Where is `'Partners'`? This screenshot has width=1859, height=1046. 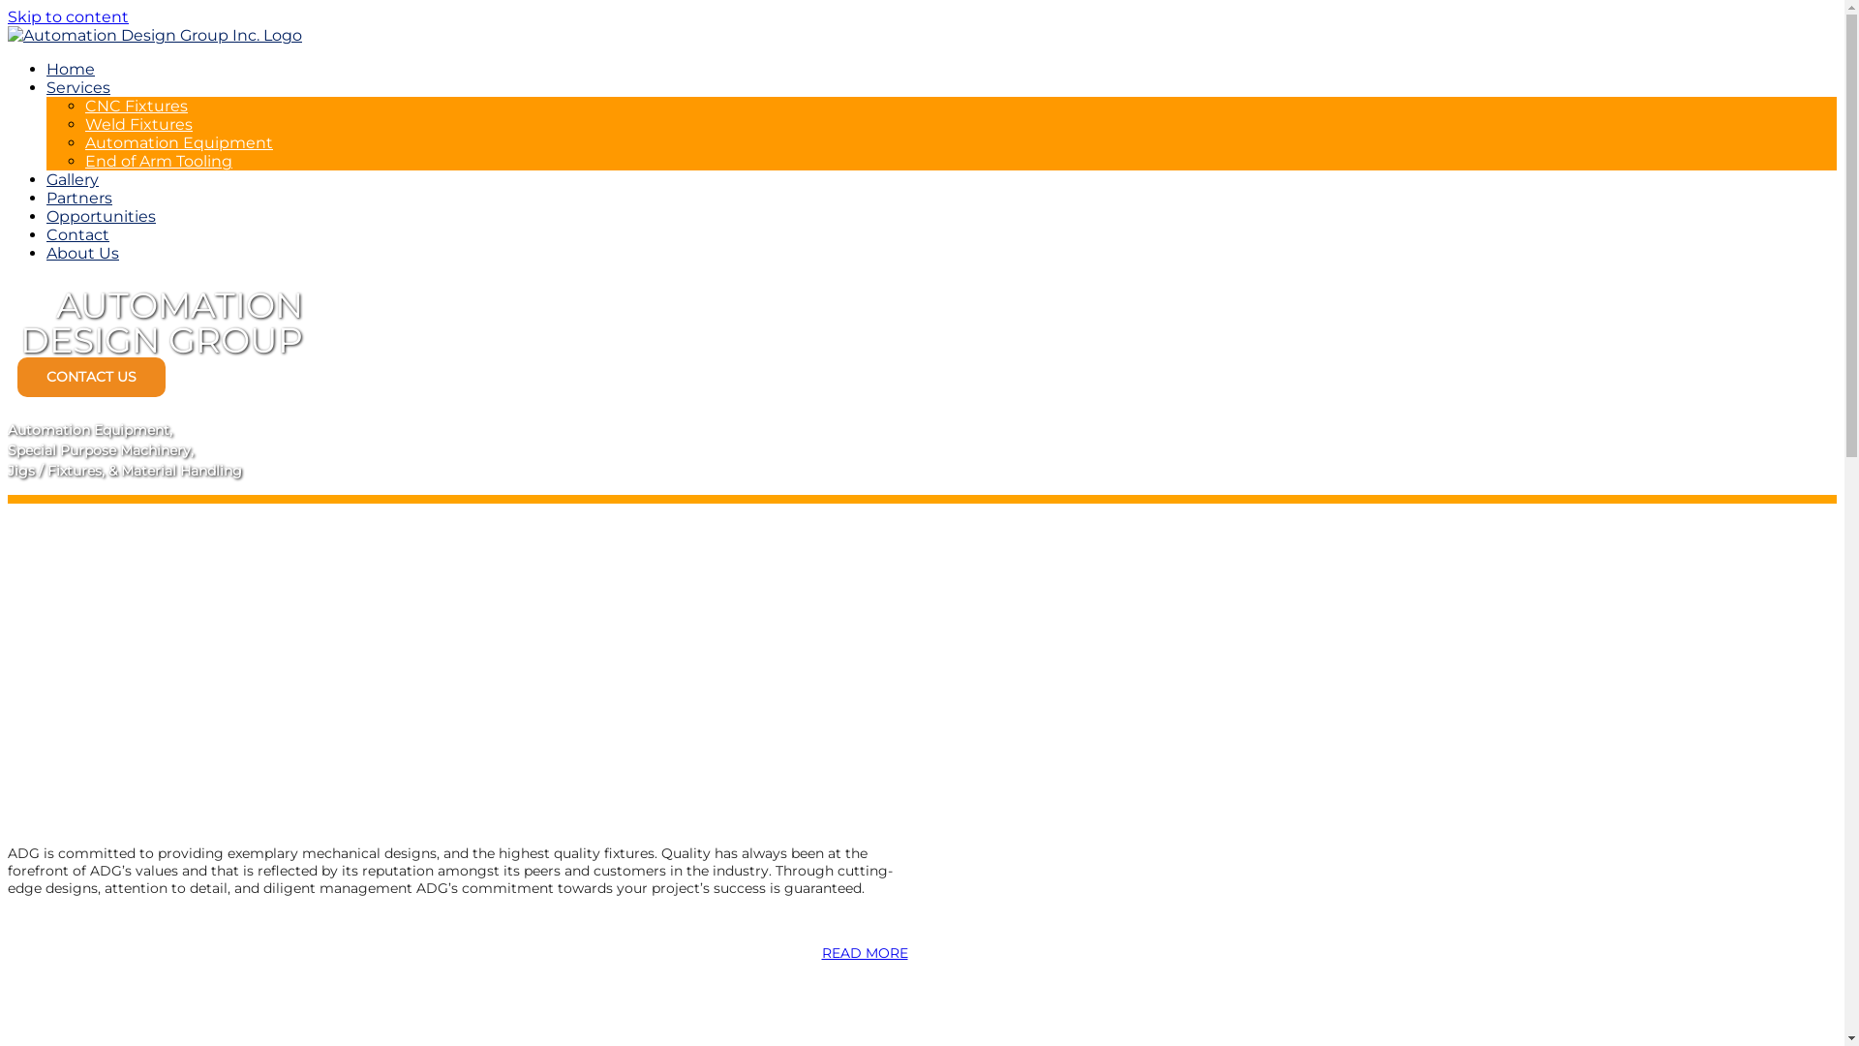
'Partners' is located at coordinates (77, 198).